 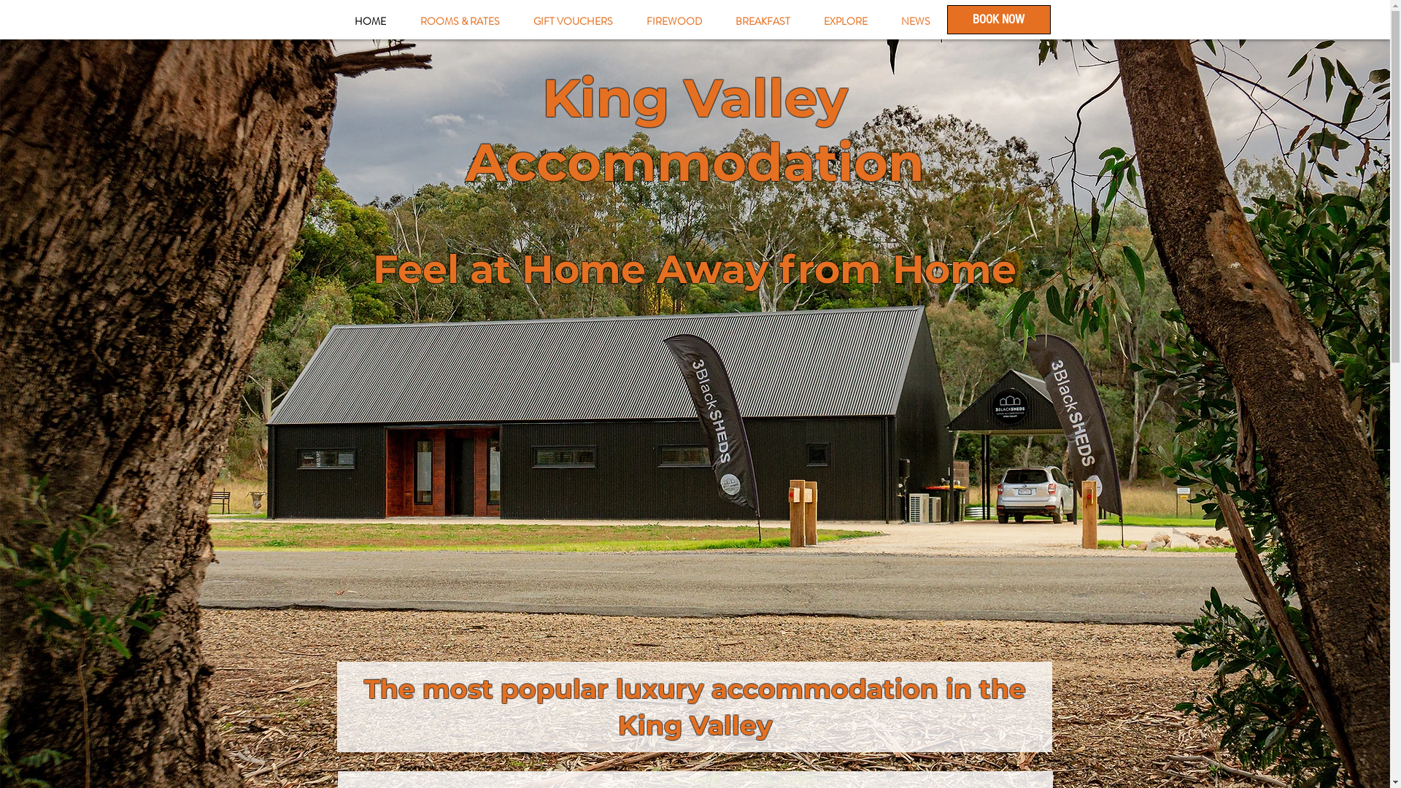 What do you see at coordinates (845, 21) in the screenshot?
I see `'EXPLORE'` at bounding box center [845, 21].